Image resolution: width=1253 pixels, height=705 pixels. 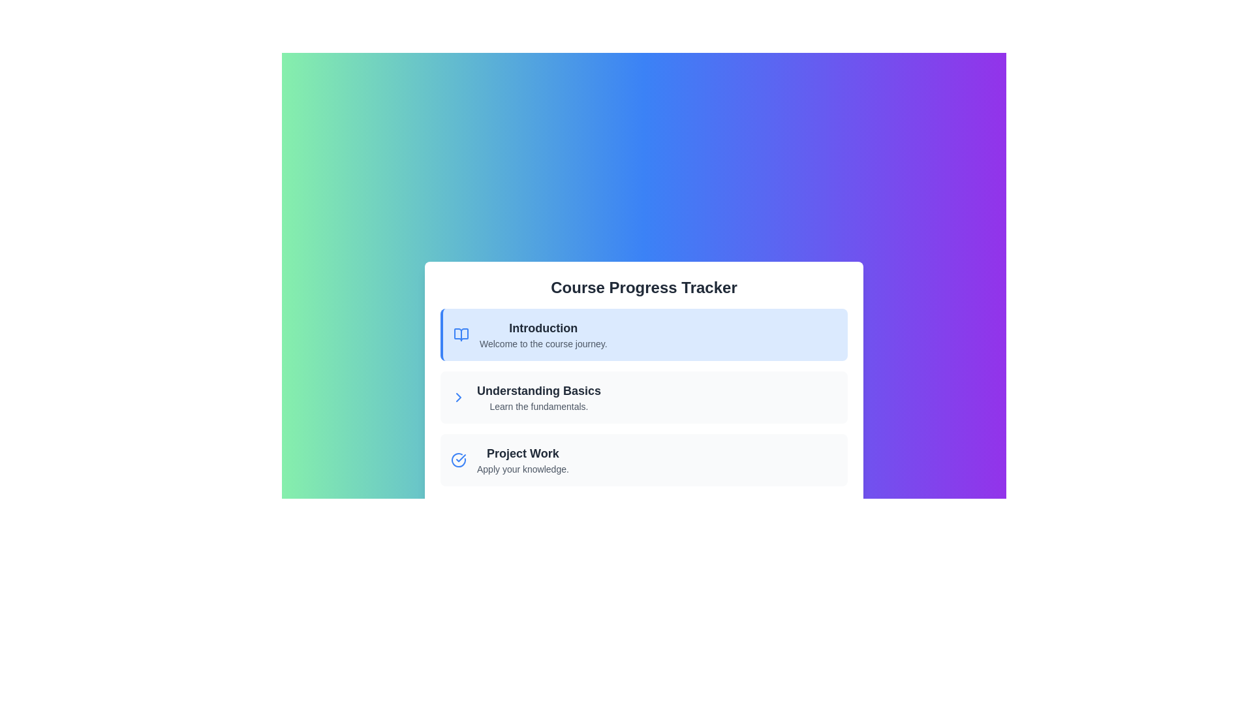 What do you see at coordinates (543, 327) in the screenshot?
I see `the bold text label that reads 'Introduction', which is styled with a large font size and dark gray color, located in the first row of a list of course sections` at bounding box center [543, 327].